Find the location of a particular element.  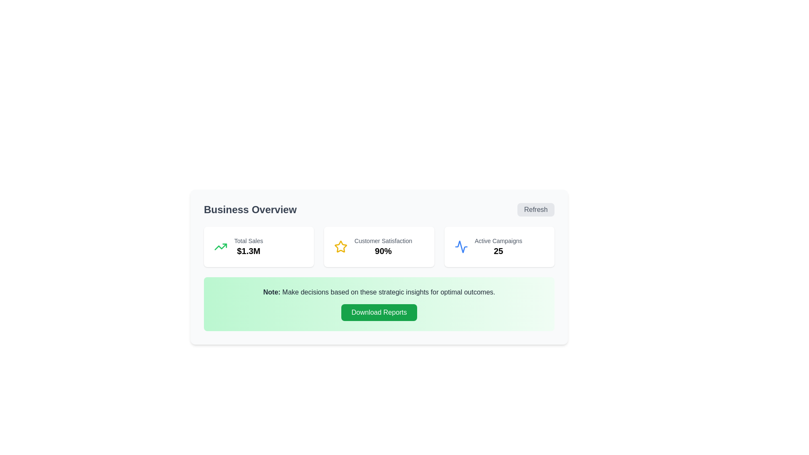

static text label indicating that the '$1.3M' value represents total sales, located at the top of the leftmost card in the 'Business Overview' section is located at coordinates (248, 241).